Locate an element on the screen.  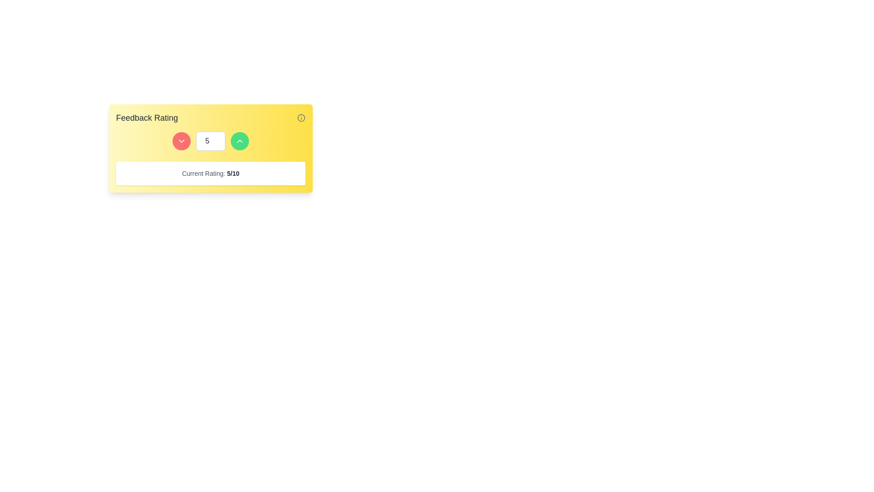
the Text Label that displays the current rating score, which is bold and aligned with the 'Current Rating:' statement is located at coordinates (233, 174).